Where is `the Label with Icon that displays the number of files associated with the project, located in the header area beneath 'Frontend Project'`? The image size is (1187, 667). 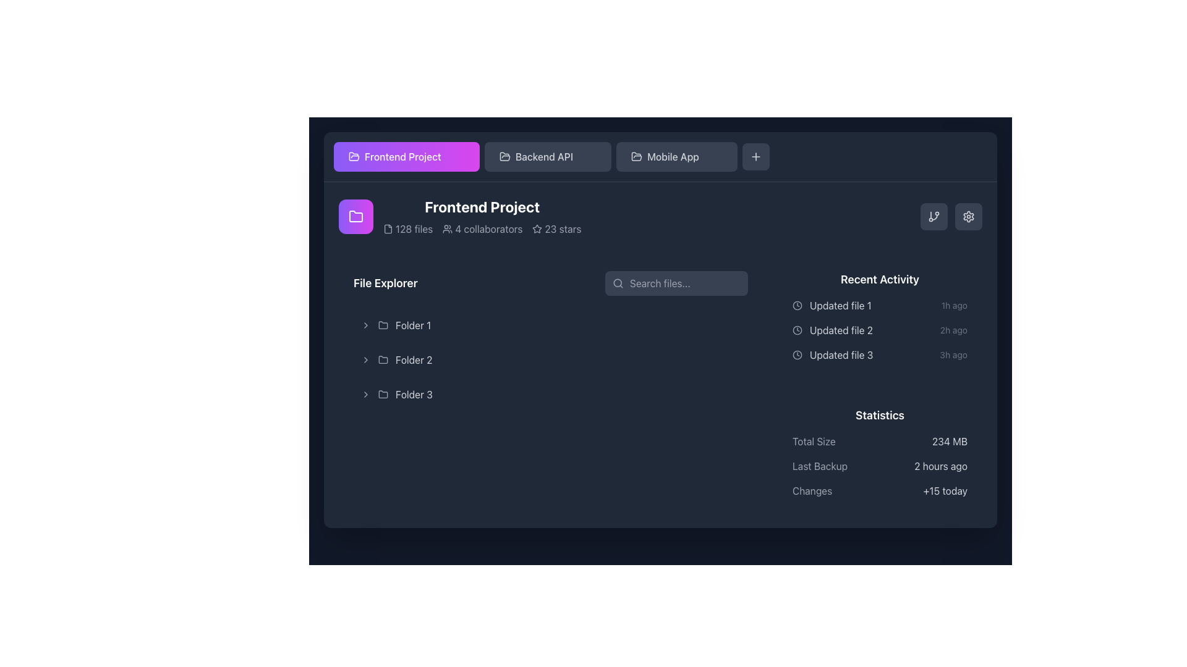
the Label with Icon that displays the number of files associated with the project, located in the header area beneath 'Frontend Project' is located at coordinates (408, 229).